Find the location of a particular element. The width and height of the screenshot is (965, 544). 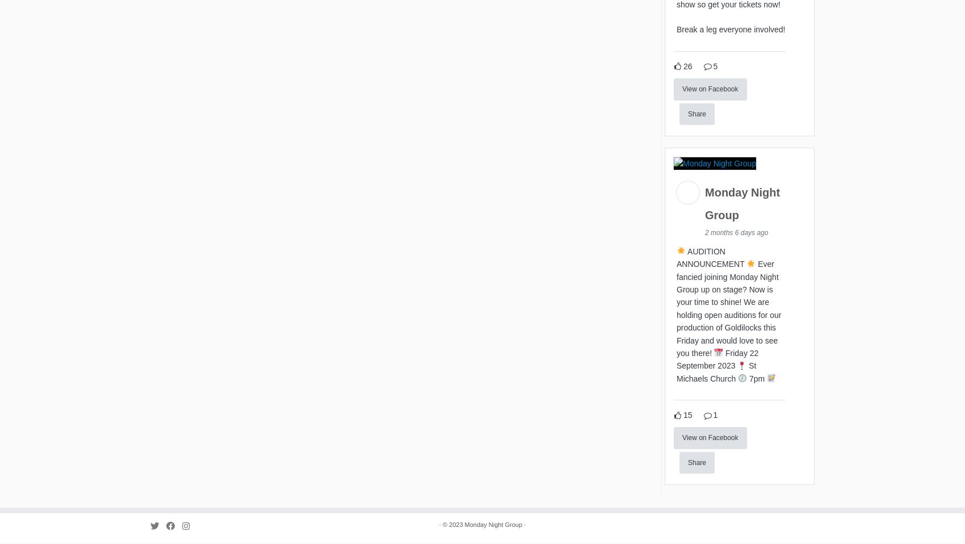

'St Michaels Church' is located at coordinates (676, 374).